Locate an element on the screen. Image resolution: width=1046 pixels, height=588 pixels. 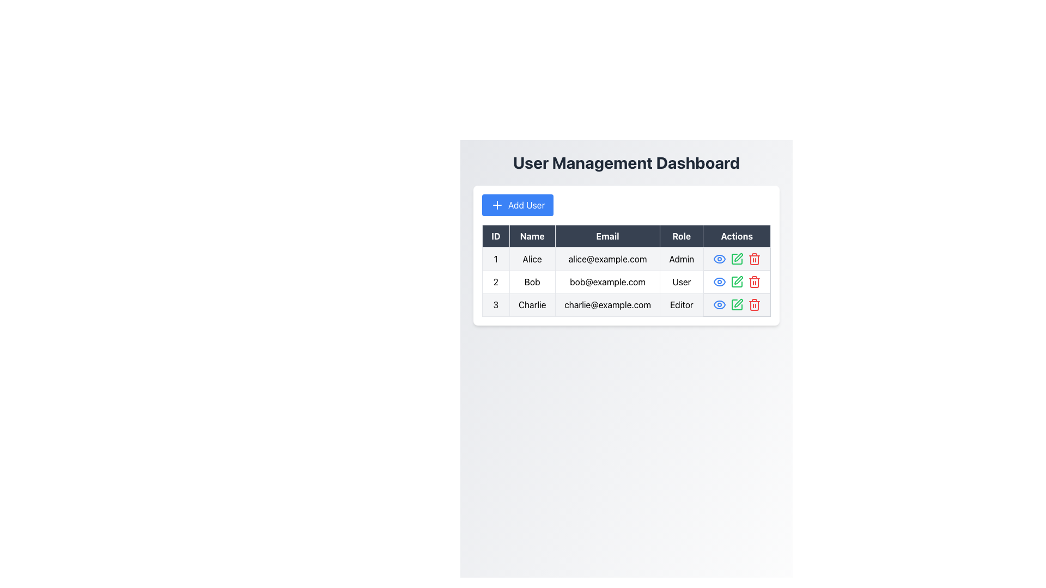
numeric identifier displayed in the text element showing the number '3', which is located in the first column of the third row of the table is located at coordinates (495, 305).